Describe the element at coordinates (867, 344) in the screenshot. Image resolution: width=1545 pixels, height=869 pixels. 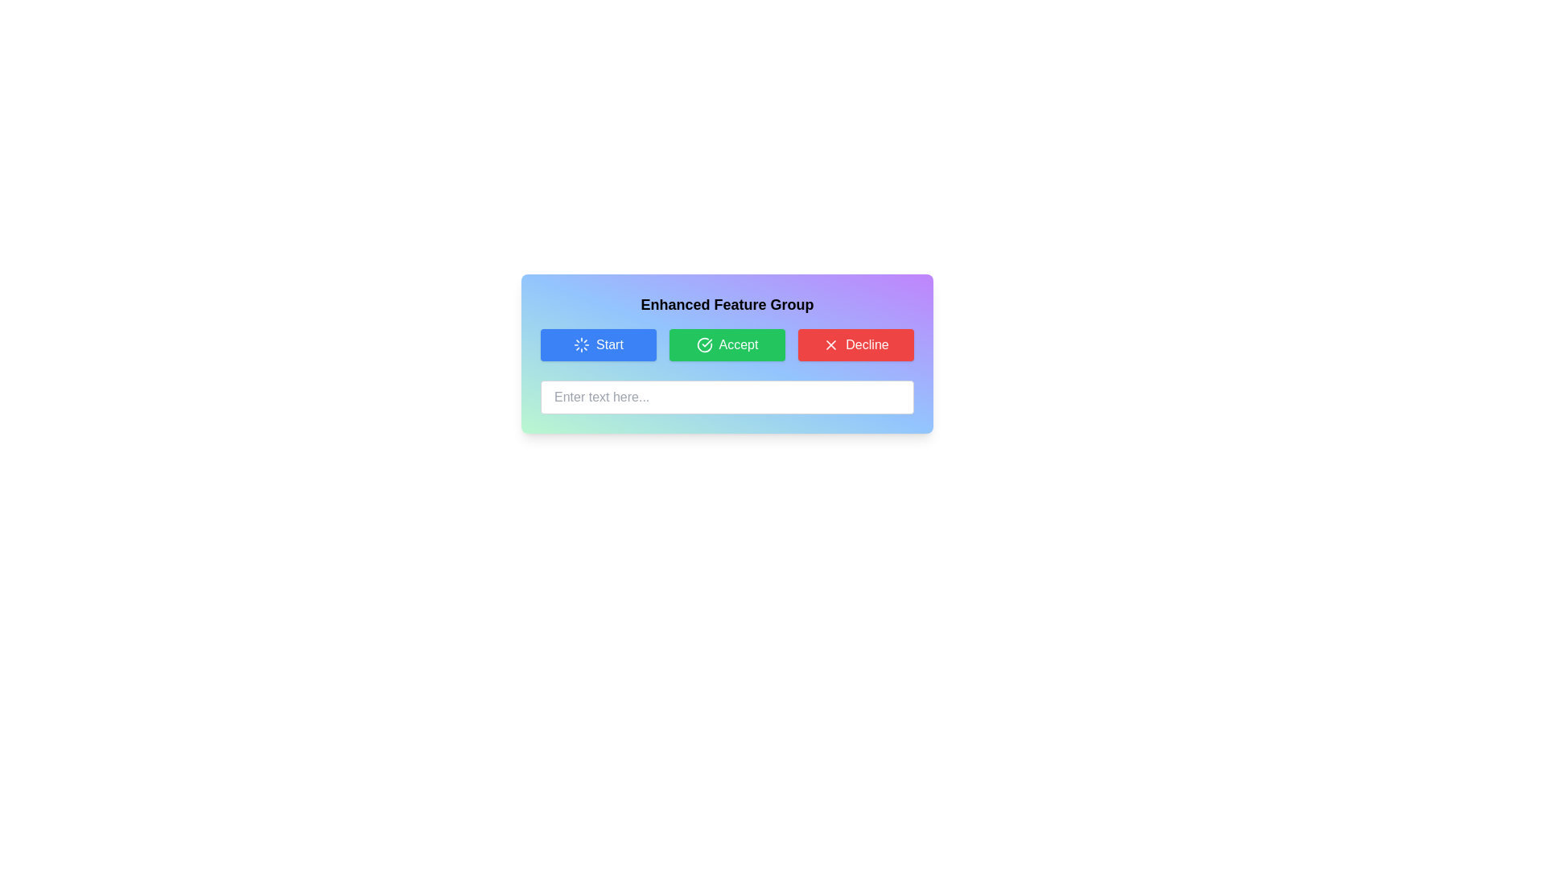
I see `the 'Decline' text label, which is part of a button with a red background and rounded appearance, located to the right of the buttons labeled 'Start' and 'Accept'` at that location.